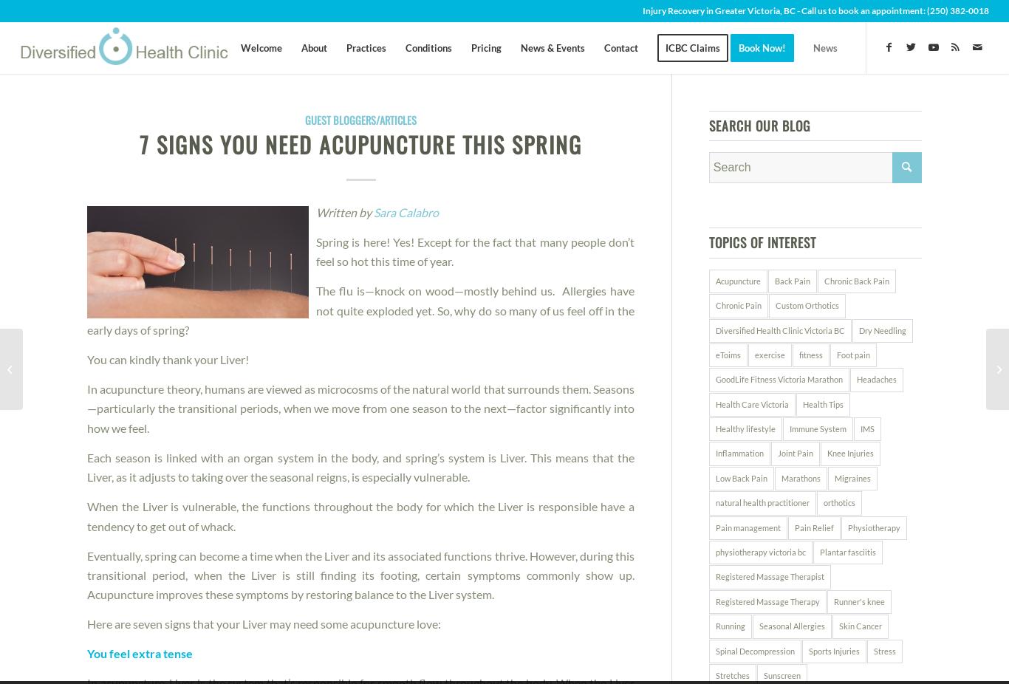 This screenshot has width=1009, height=684. I want to click on '/wp-content/uploads/2019/05/Diversified-Health.png', so click(369, 119).